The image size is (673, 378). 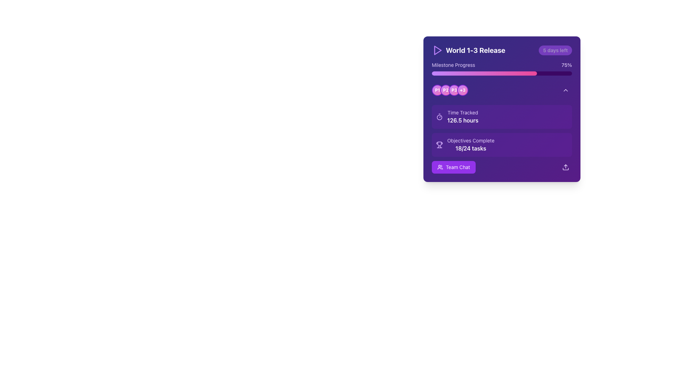 I want to click on the timer icon located in the 'Time Tracked' section, which visually represents 'time tracked' and complements the text showing '126.5 hours', so click(x=439, y=117).